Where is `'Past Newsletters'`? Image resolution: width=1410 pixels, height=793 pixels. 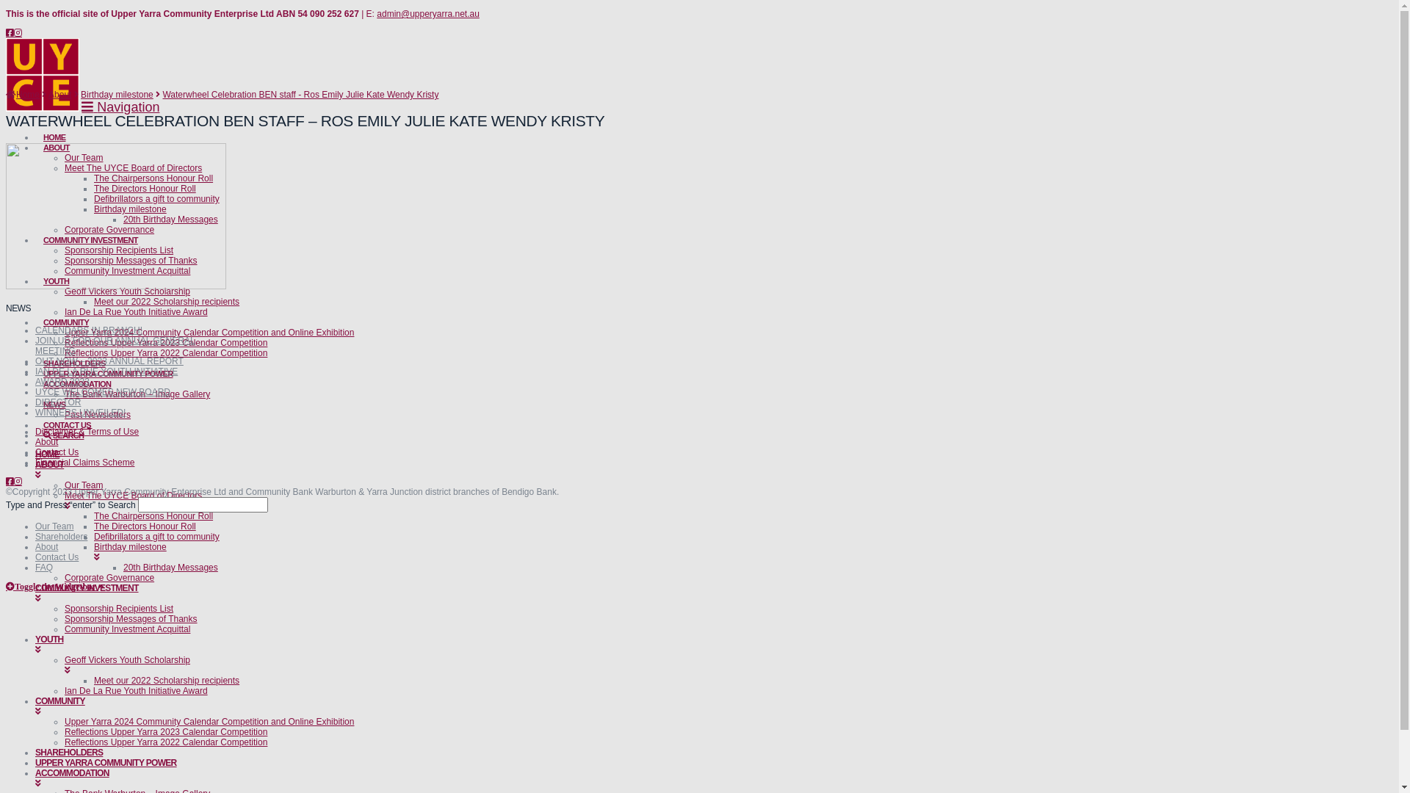
'Past Newsletters' is located at coordinates (97, 414).